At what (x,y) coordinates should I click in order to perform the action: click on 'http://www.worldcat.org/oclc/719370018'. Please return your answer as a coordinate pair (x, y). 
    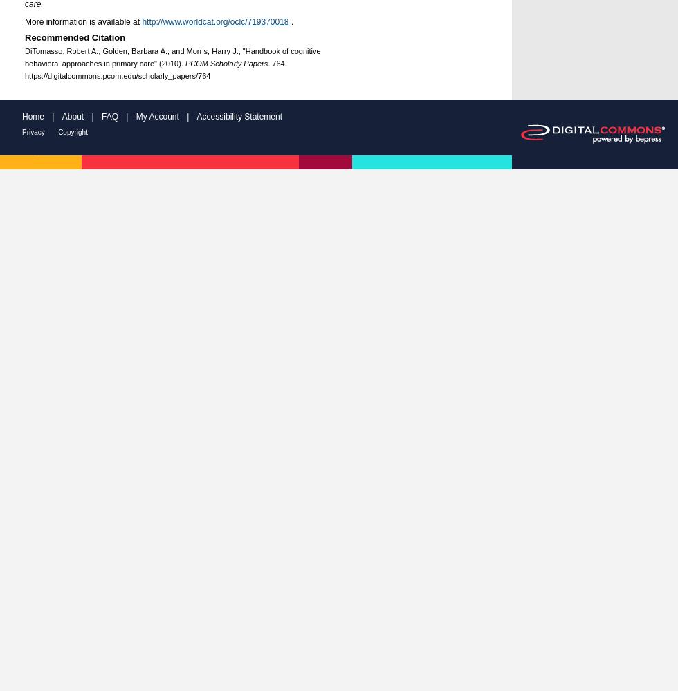
    Looking at the image, I should click on (216, 22).